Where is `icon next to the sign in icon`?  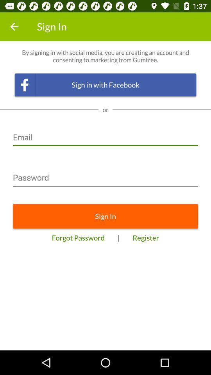 icon next to the sign in icon is located at coordinates (14, 27).